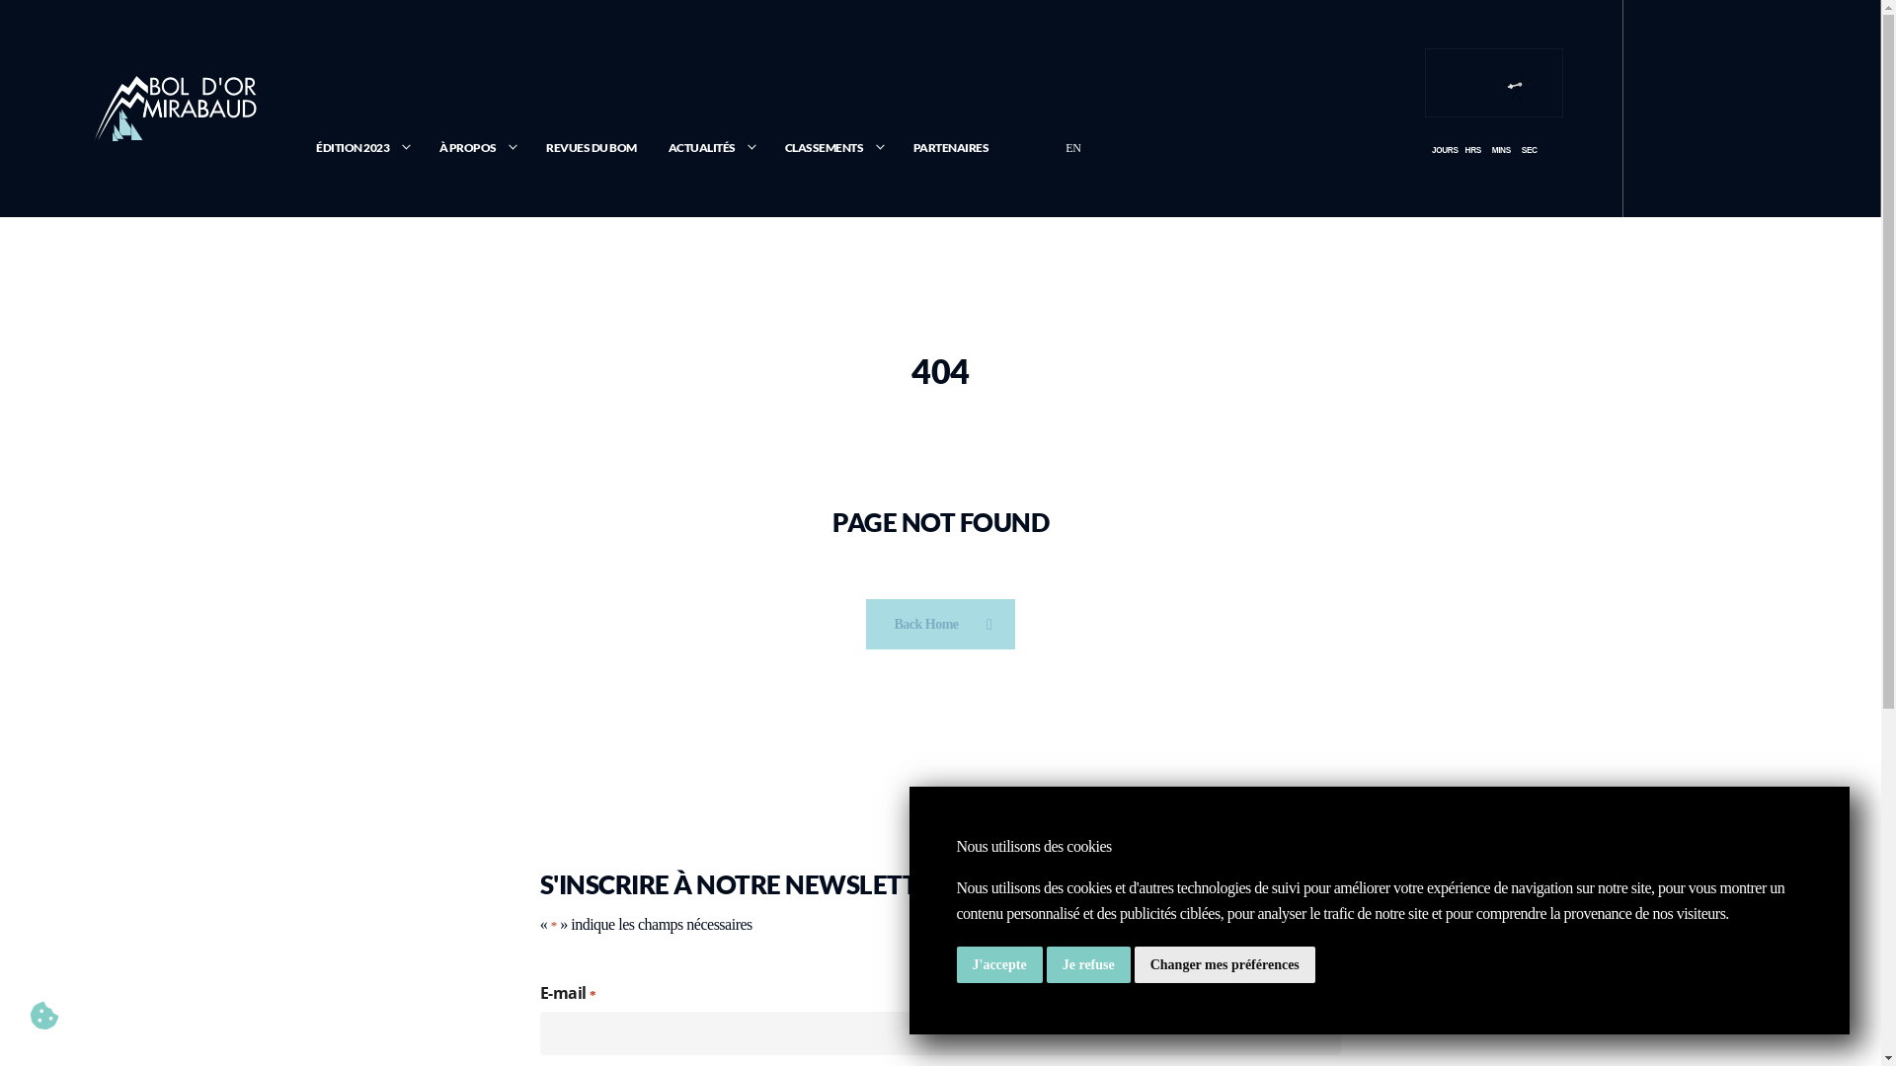 Image resolution: width=1896 pixels, height=1066 pixels. What do you see at coordinates (998, 963) in the screenshot?
I see `'J'accepte'` at bounding box center [998, 963].